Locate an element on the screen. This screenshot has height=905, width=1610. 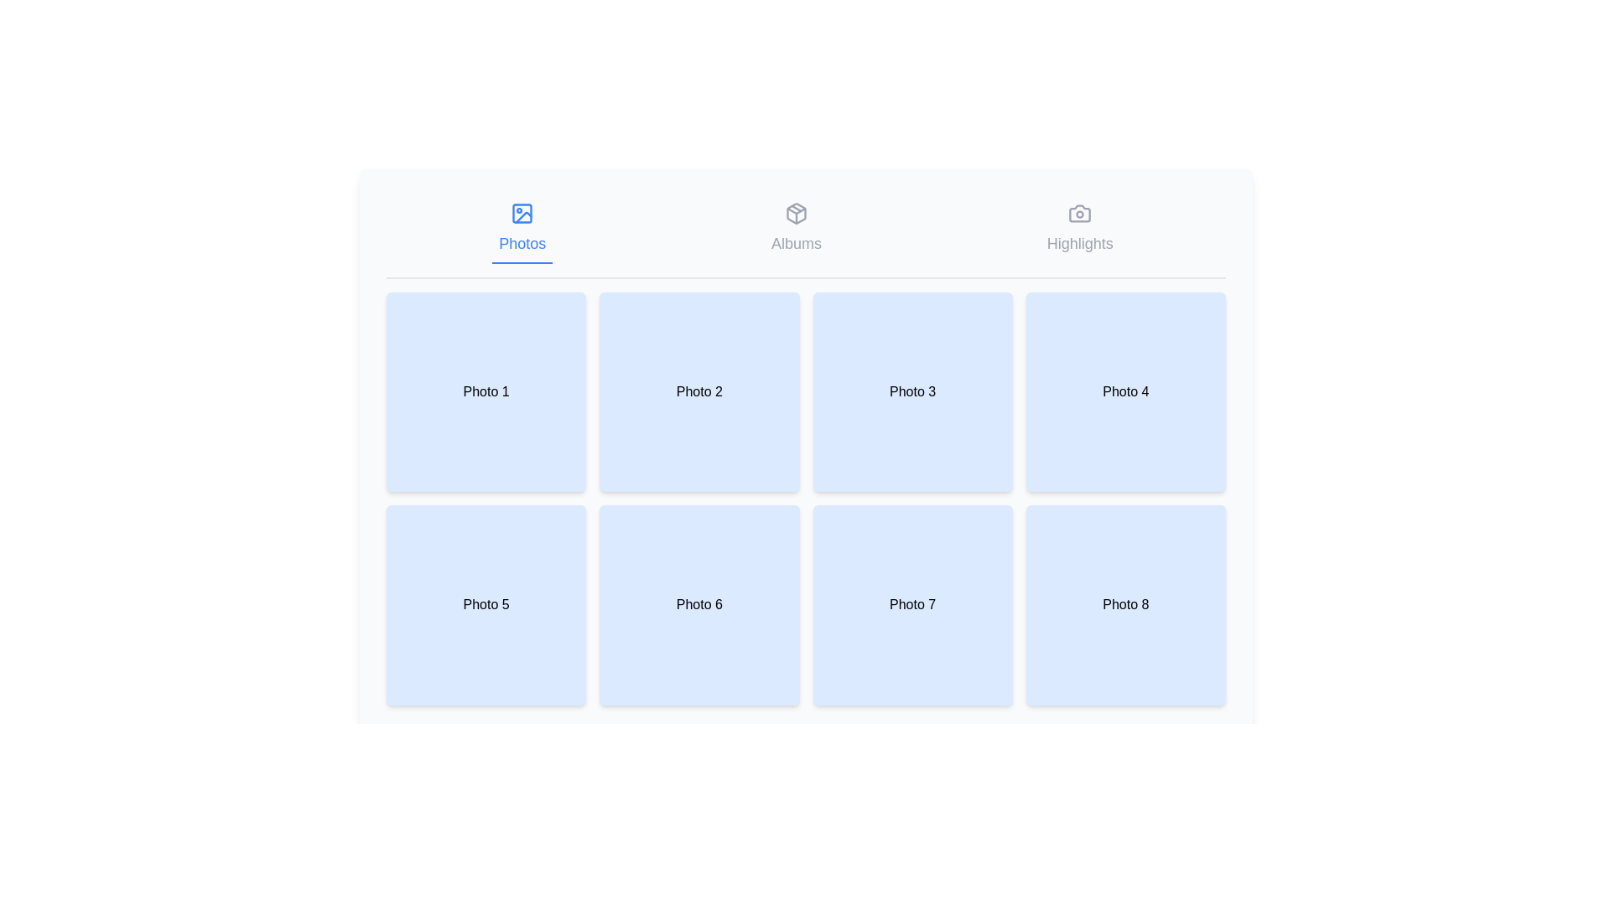
the Highlights tab by clicking on its label is located at coordinates (1080, 229).